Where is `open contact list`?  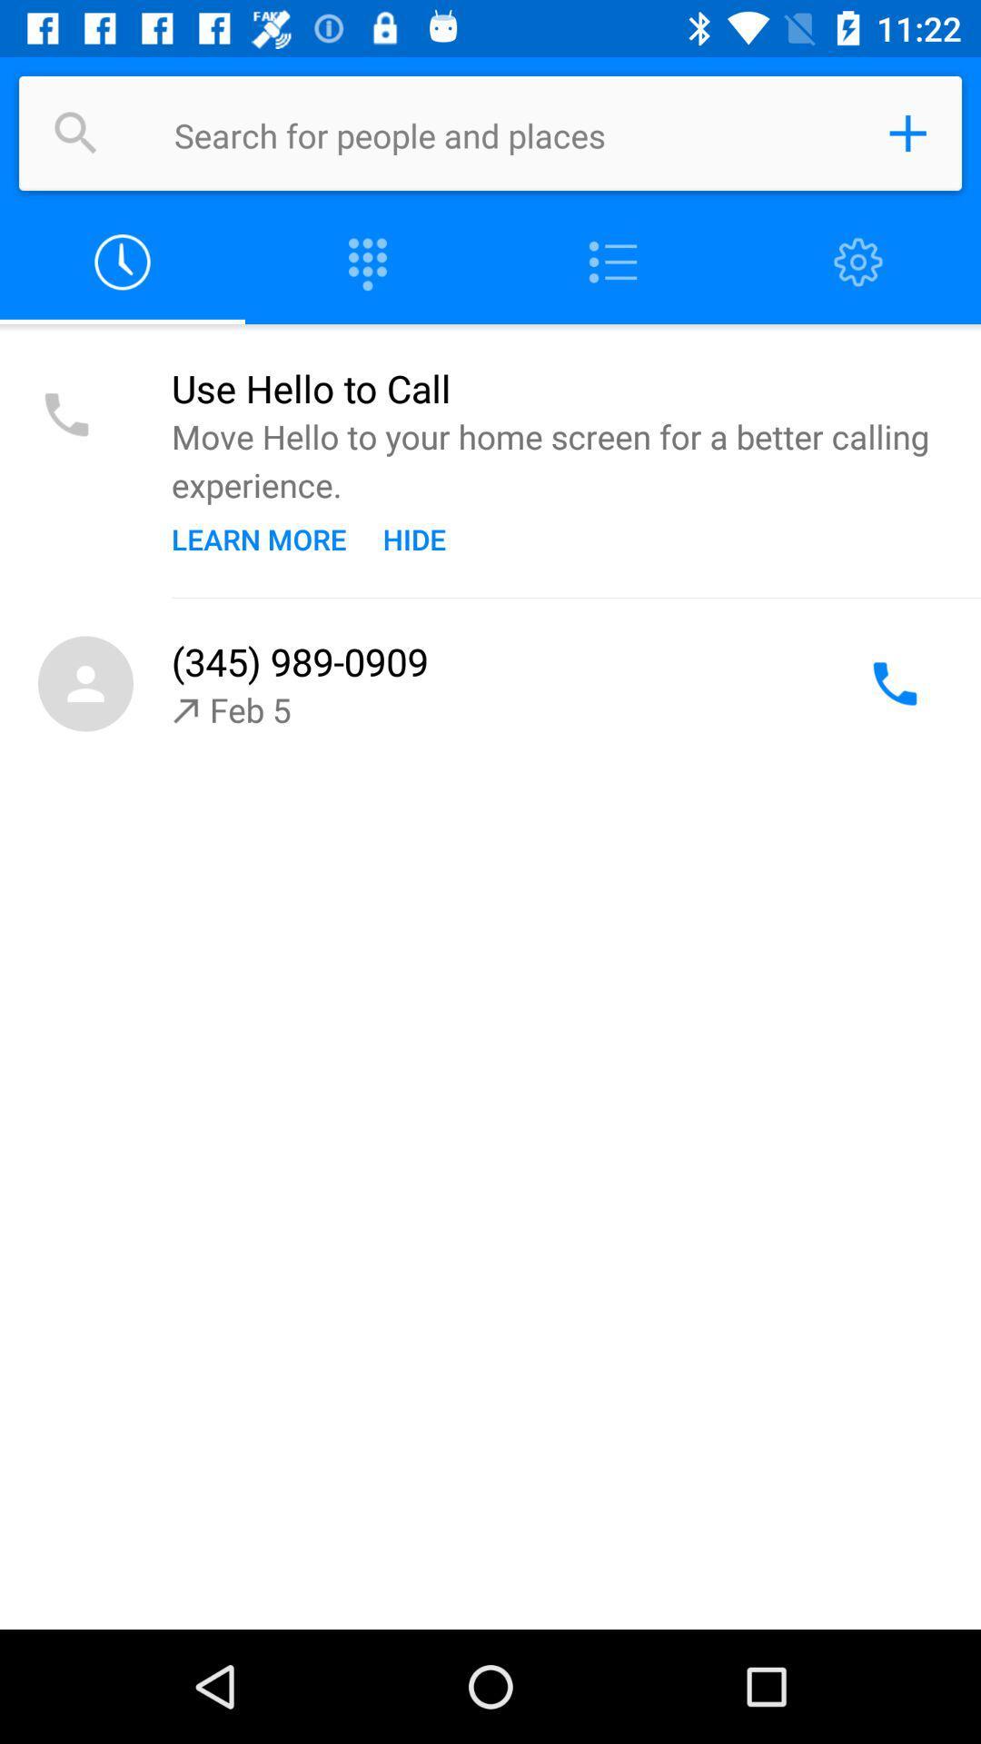 open contact list is located at coordinates (613, 262).